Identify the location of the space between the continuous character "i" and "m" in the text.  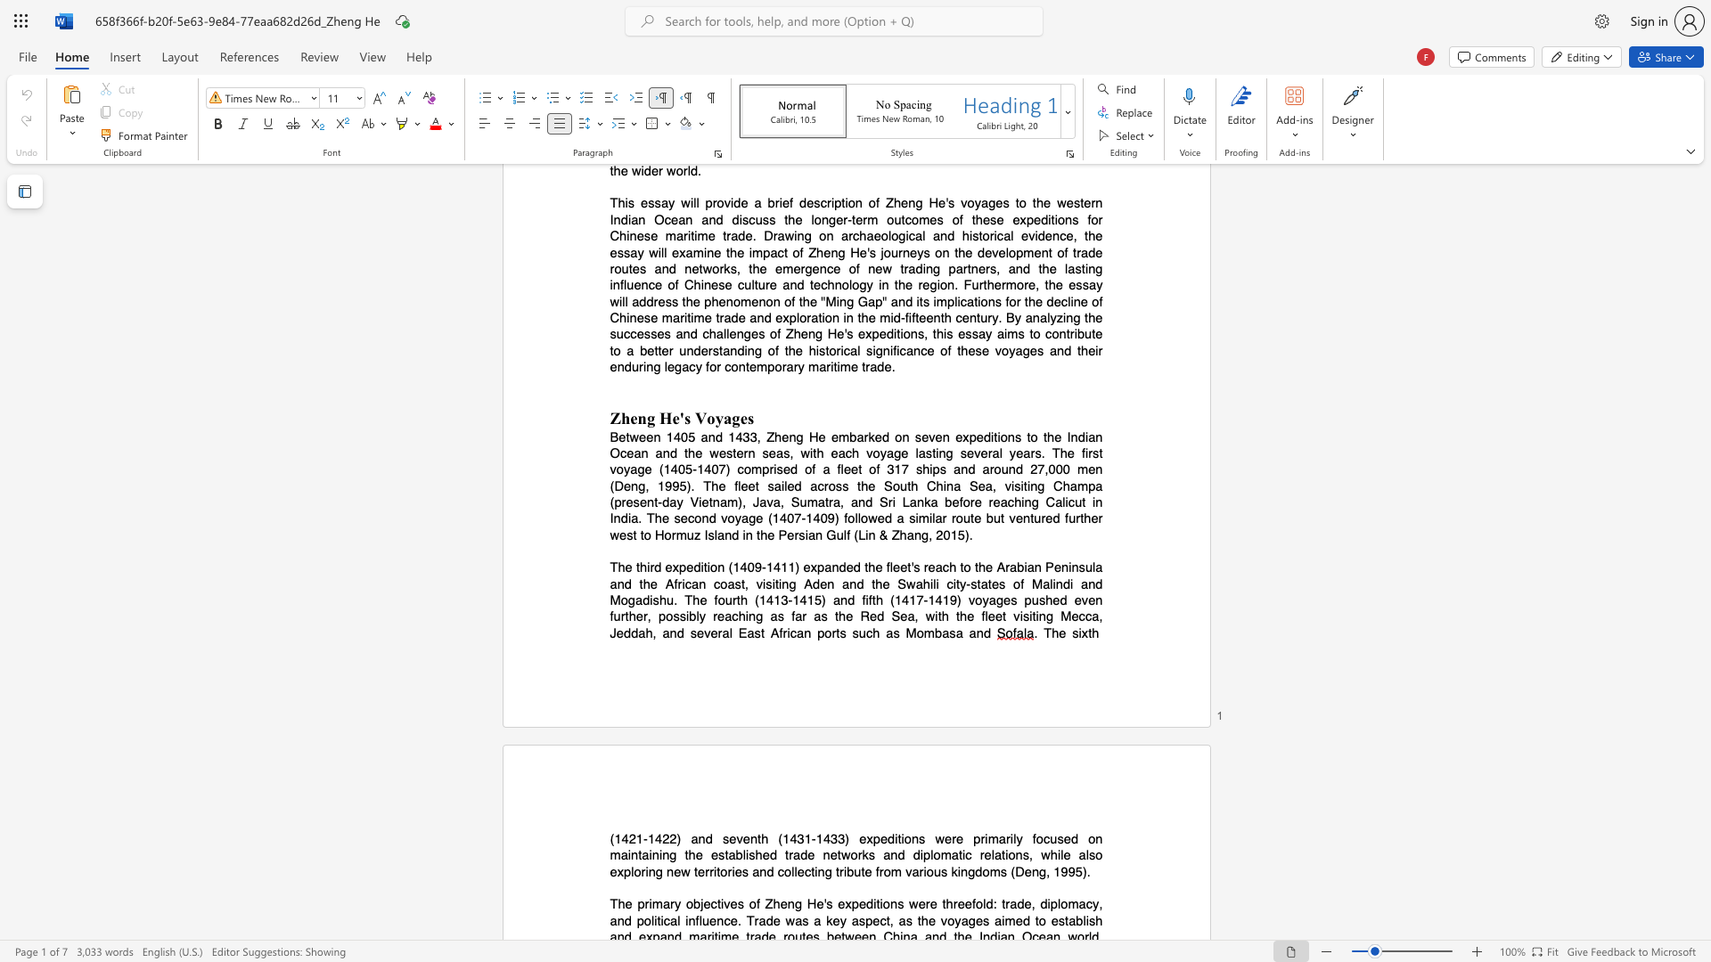
(653, 904).